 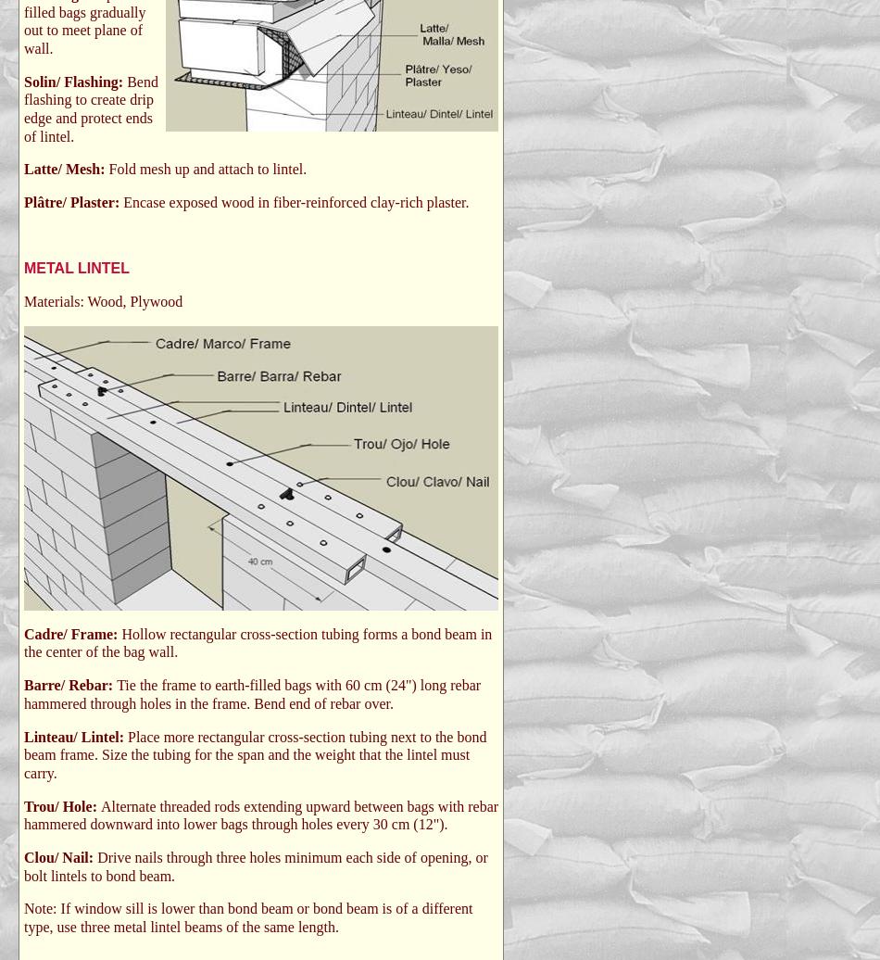 I want to click on 'Hollow rectangular cross-section tubing forms a bond beam in the center of the bag wall.', so click(x=257, y=642).